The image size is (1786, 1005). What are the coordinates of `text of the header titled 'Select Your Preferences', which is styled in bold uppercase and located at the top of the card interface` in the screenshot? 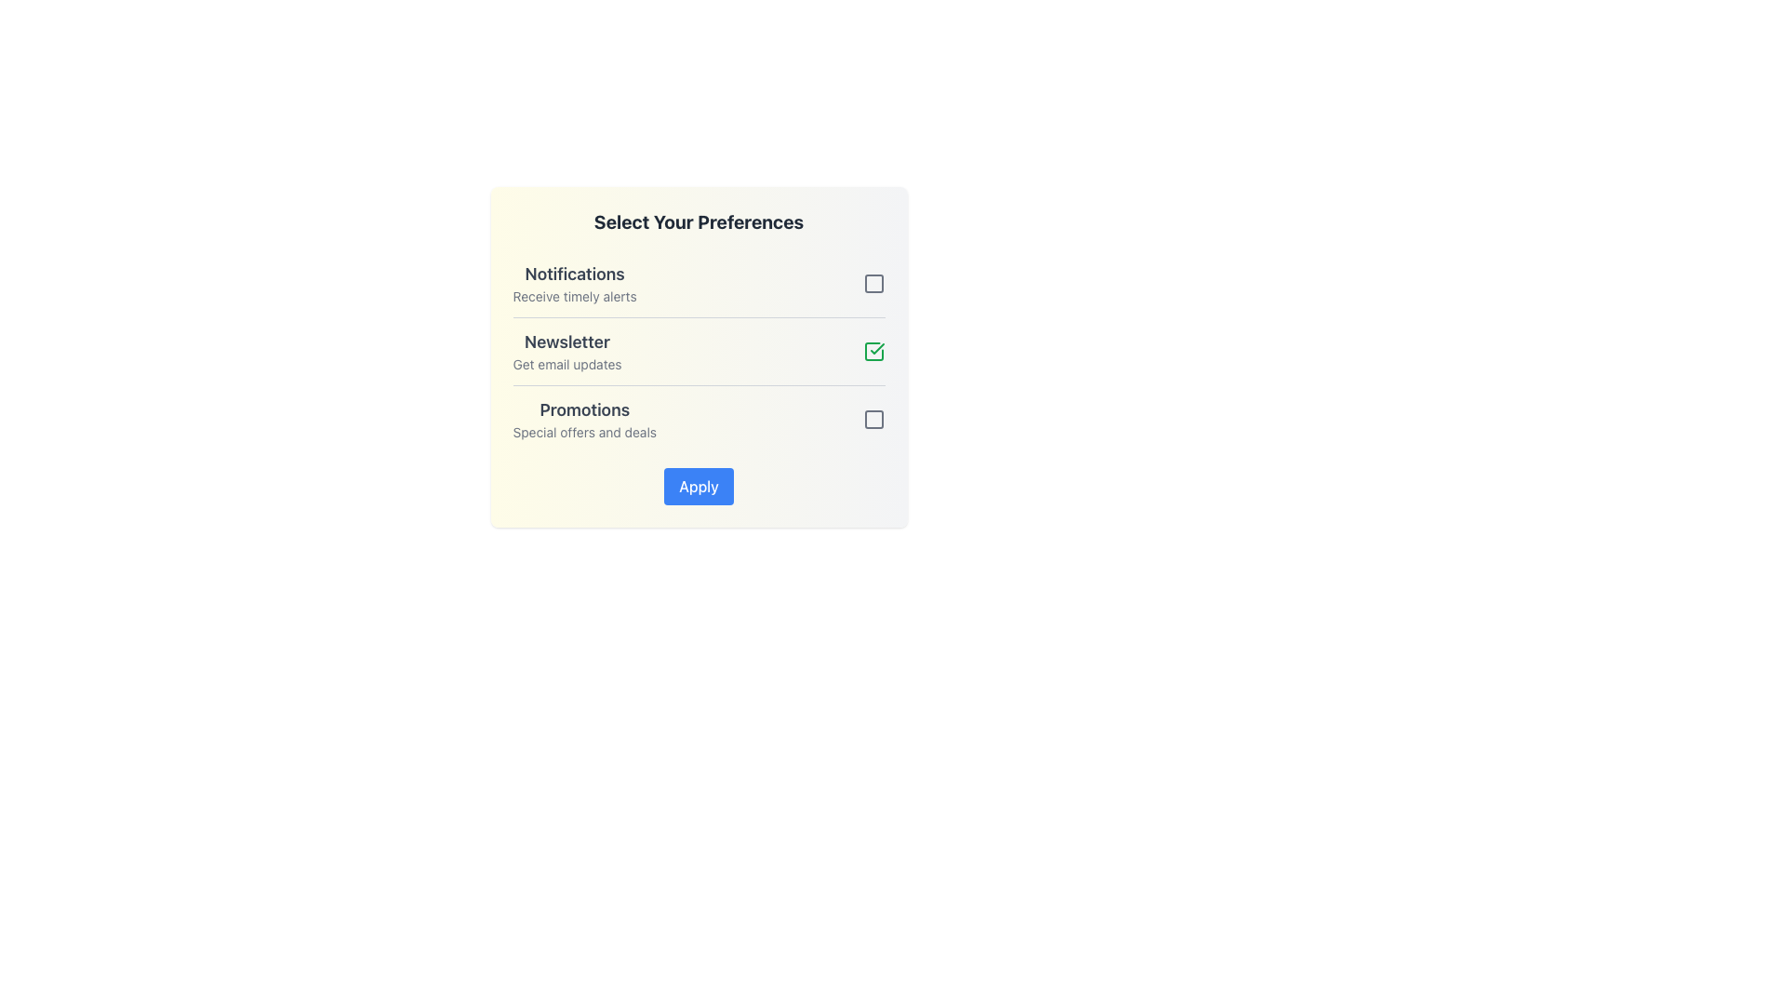 It's located at (698, 221).